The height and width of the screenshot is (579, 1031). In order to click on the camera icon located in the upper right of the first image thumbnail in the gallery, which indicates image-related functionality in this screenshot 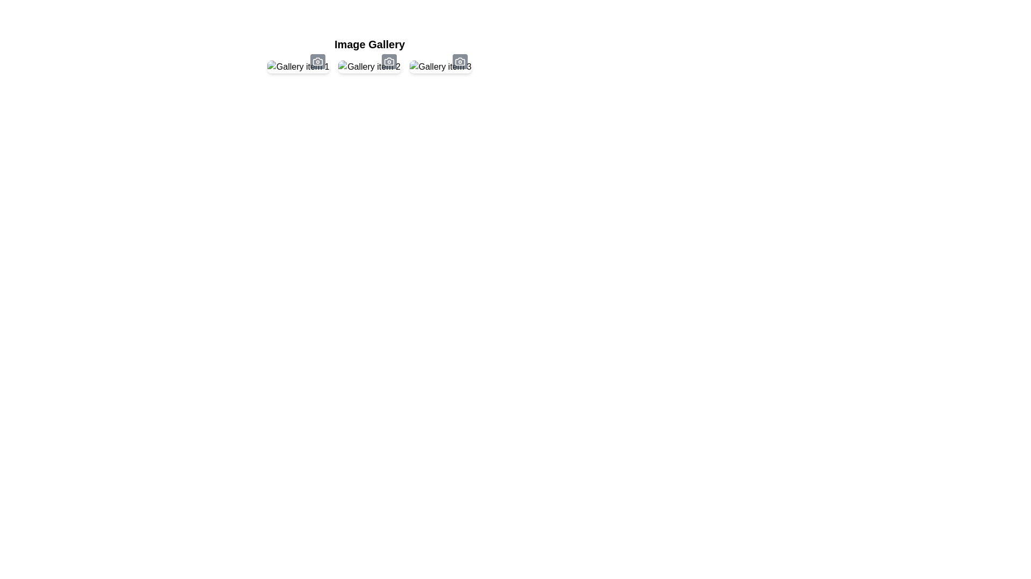, I will do `click(317, 62)`.